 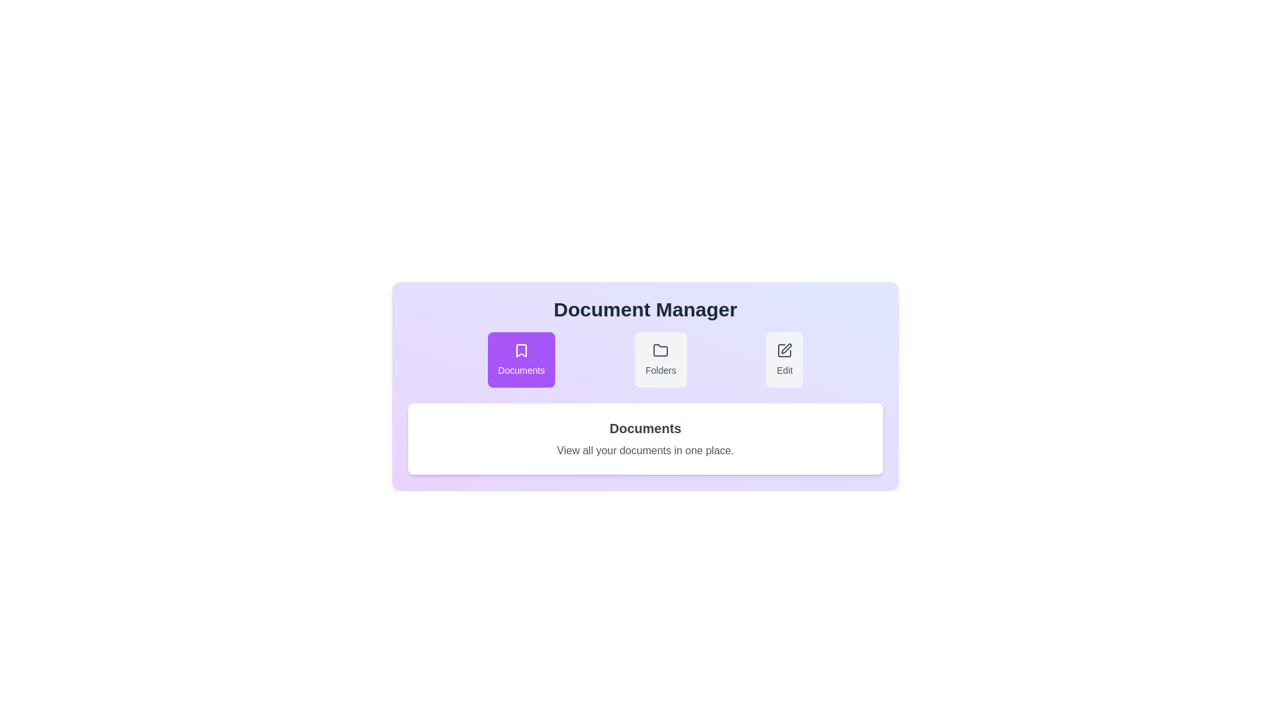 What do you see at coordinates (646, 439) in the screenshot?
I see `the informational card titled 'Documents', which has a white background, rounded corners, and contains the text 'View all your documents in one place.'` at bounding box center [646, 439].